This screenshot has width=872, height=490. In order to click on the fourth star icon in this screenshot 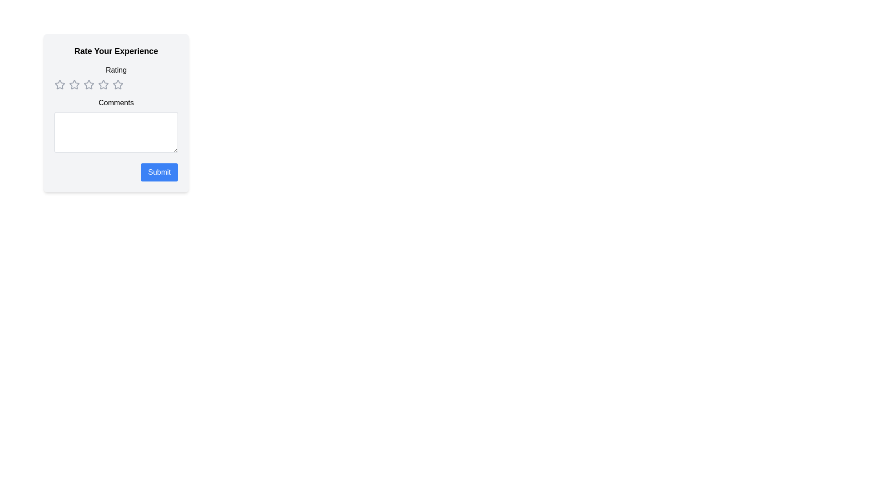, I will do `click(117, 84)`.